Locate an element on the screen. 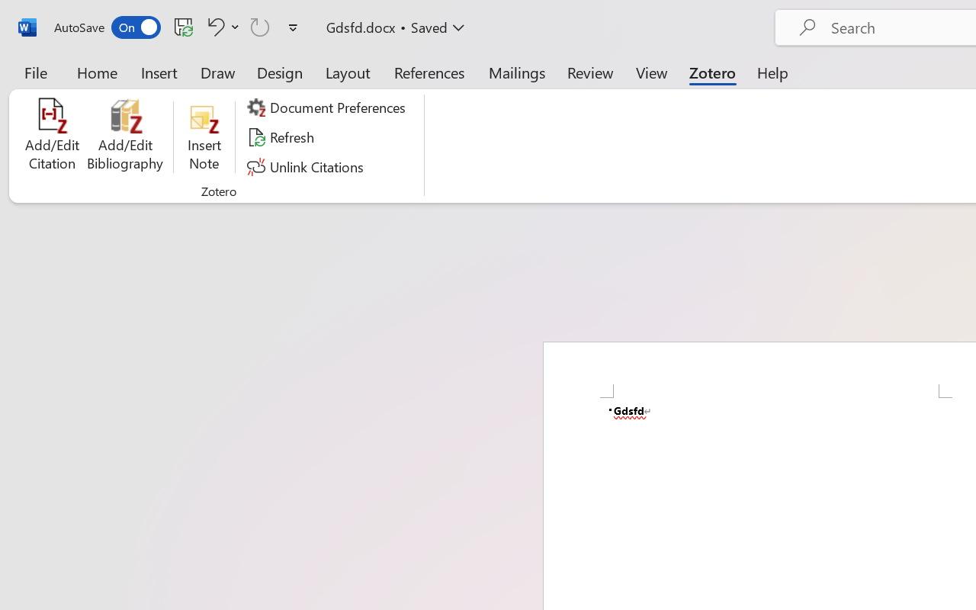  'Unlink Citations' is located at coordinates (307, 166).